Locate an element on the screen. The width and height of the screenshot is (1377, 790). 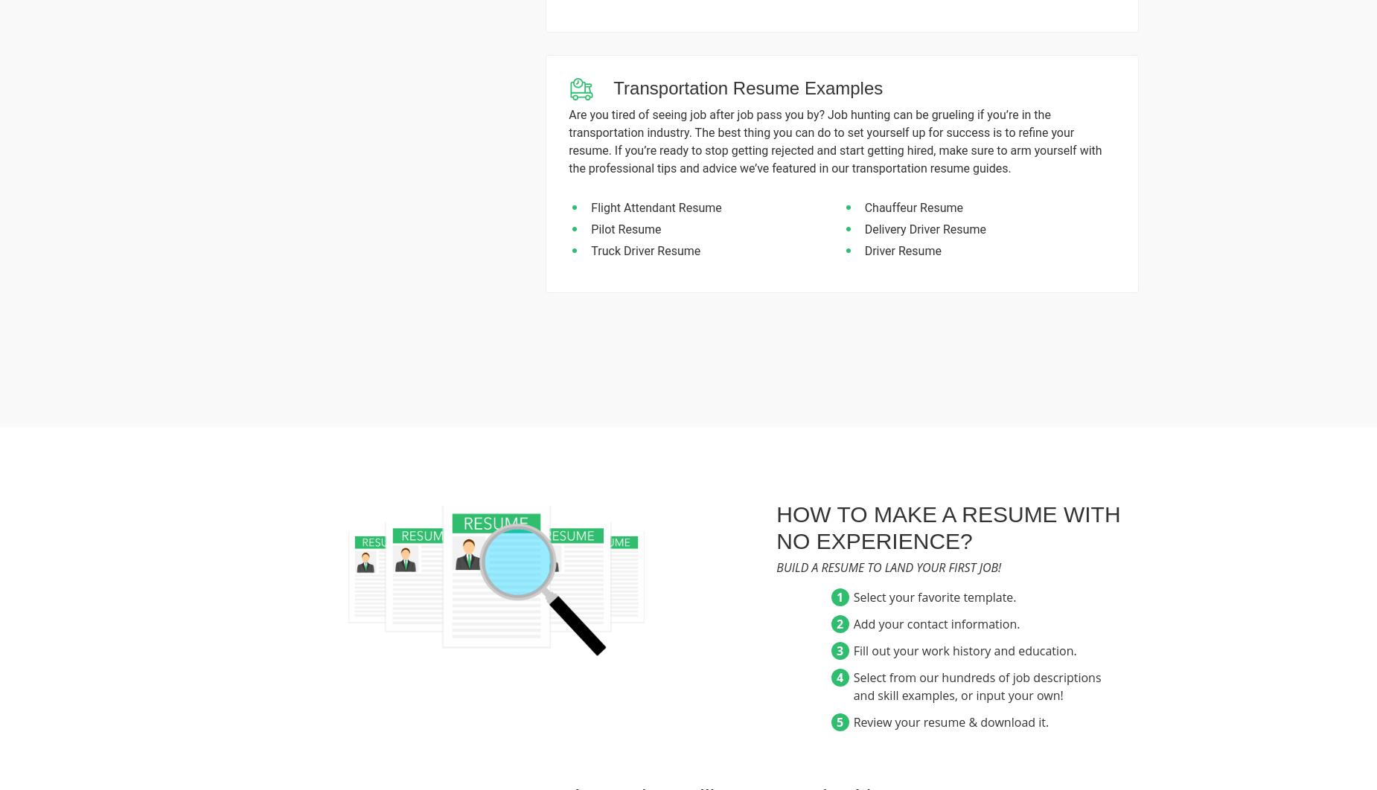
'Are you tired of seeing job after job pass you by? Job hunting can be grueling if you’re in the transportation industry. The best thing you can do to set yourself up for success is to refine your resume. If you’re ready to stop getting rejected and start getting hired, make sure to arm yourself with the professional tips and advice we’ve featured in our transportation resume guides.' is located at coordinates (834, 141).